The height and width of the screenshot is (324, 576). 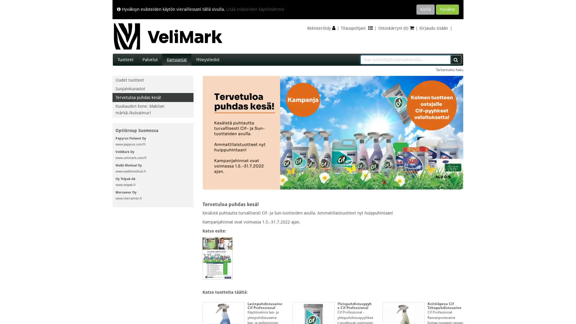 I want to click on Kiella, so click(x=425, y=9).